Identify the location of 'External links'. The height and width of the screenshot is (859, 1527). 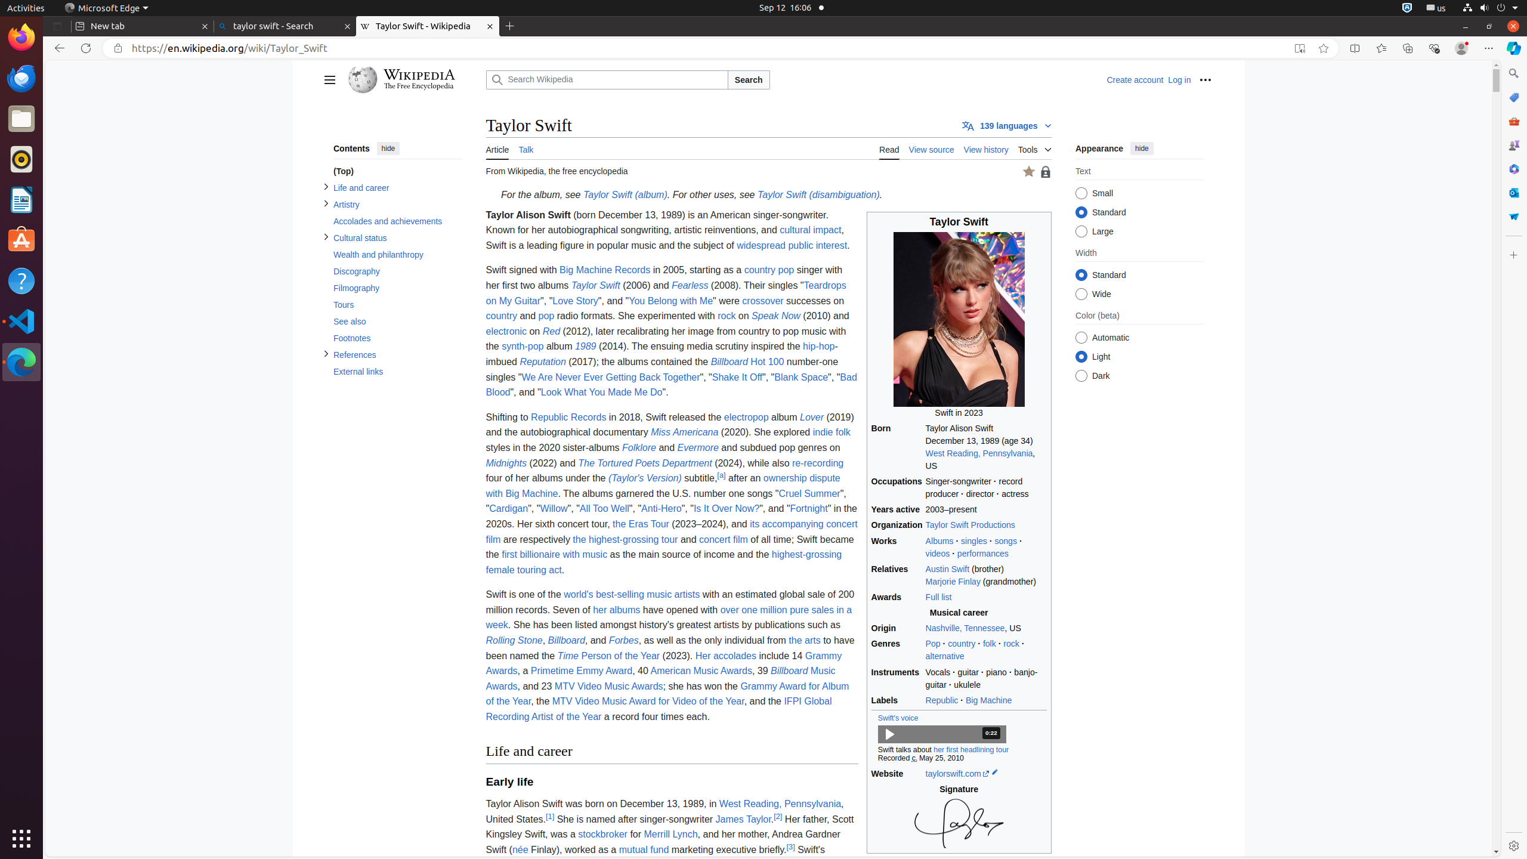
(397, 372).